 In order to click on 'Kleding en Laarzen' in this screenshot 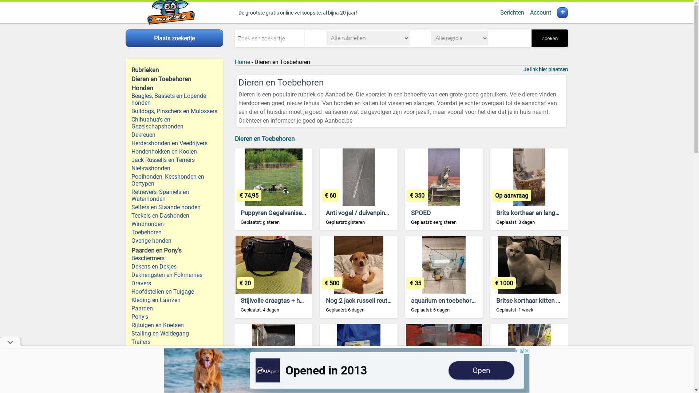, I will do `click(174, 300)`.